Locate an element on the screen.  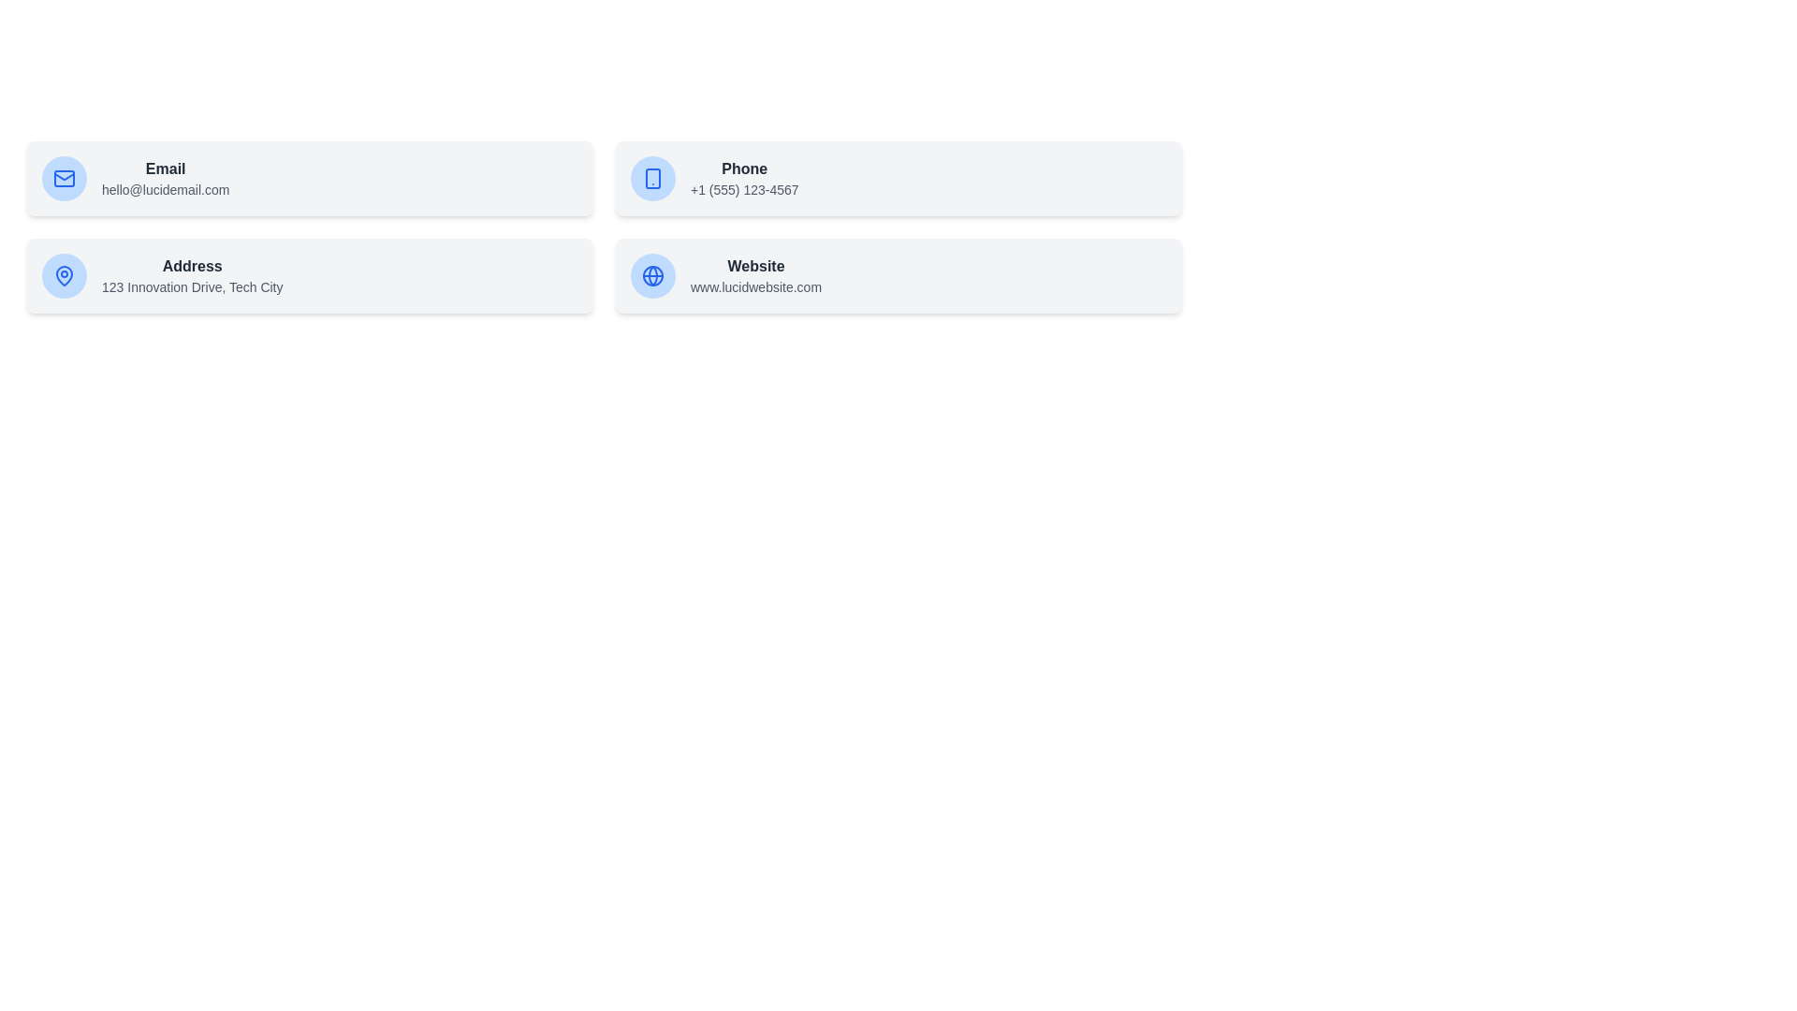
the bold text label 'Phone' displayed in dark gray, located in the top-right gray box of the grid layout, positioned above the phone number '+1 (555) 123-4567' is located at coordinates (743, 169).